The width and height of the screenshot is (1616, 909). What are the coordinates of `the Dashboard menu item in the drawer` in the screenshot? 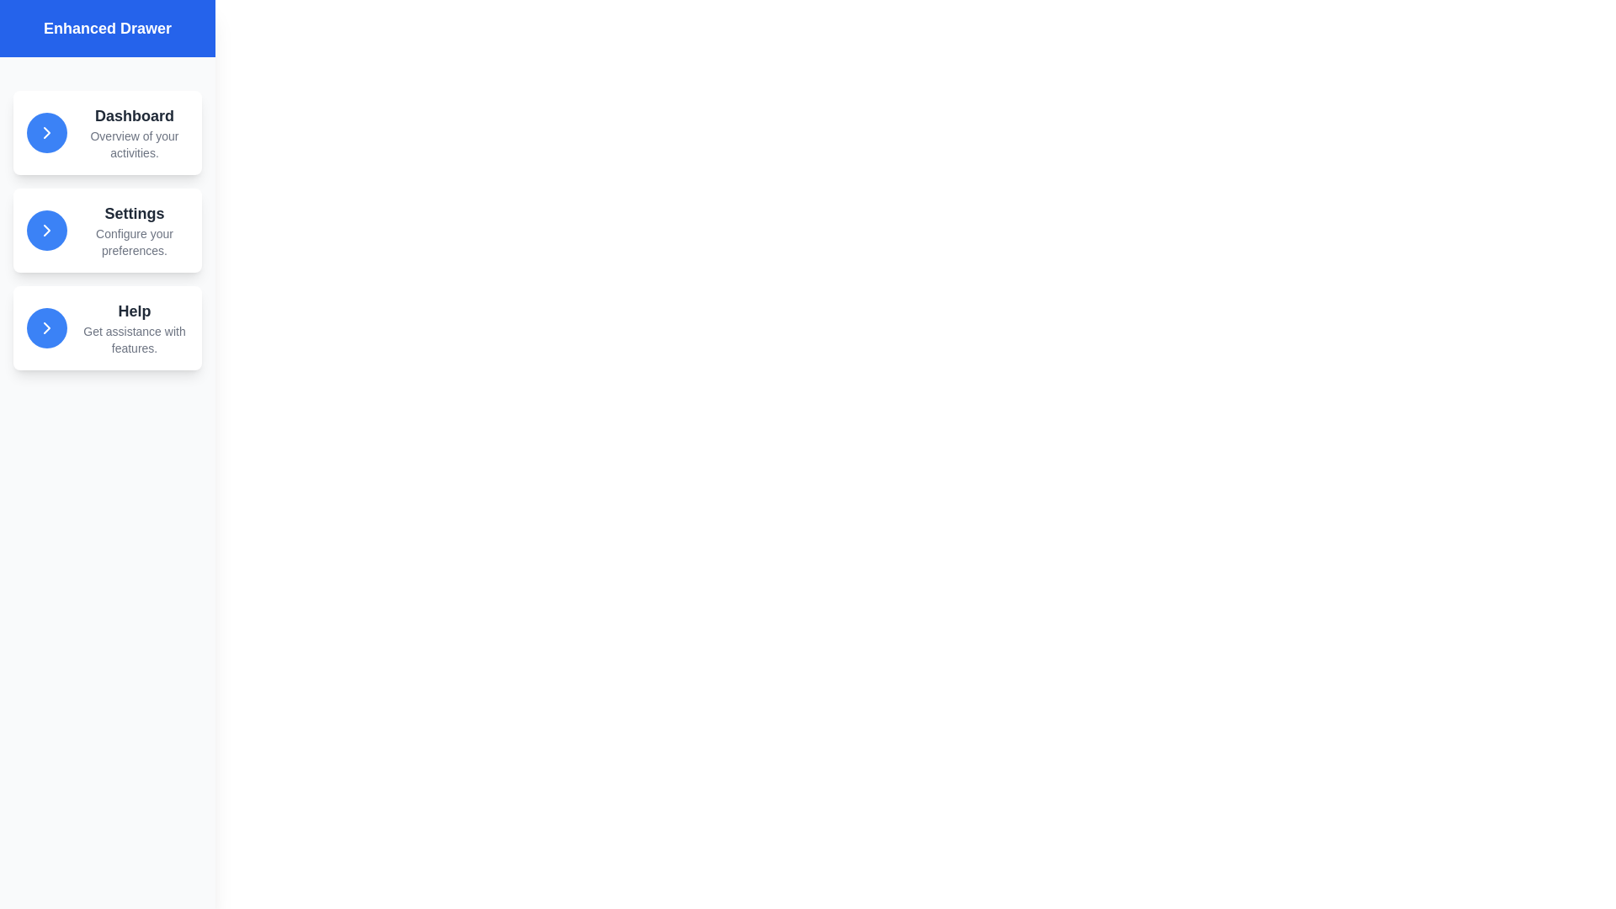 It's located at (107, 132).